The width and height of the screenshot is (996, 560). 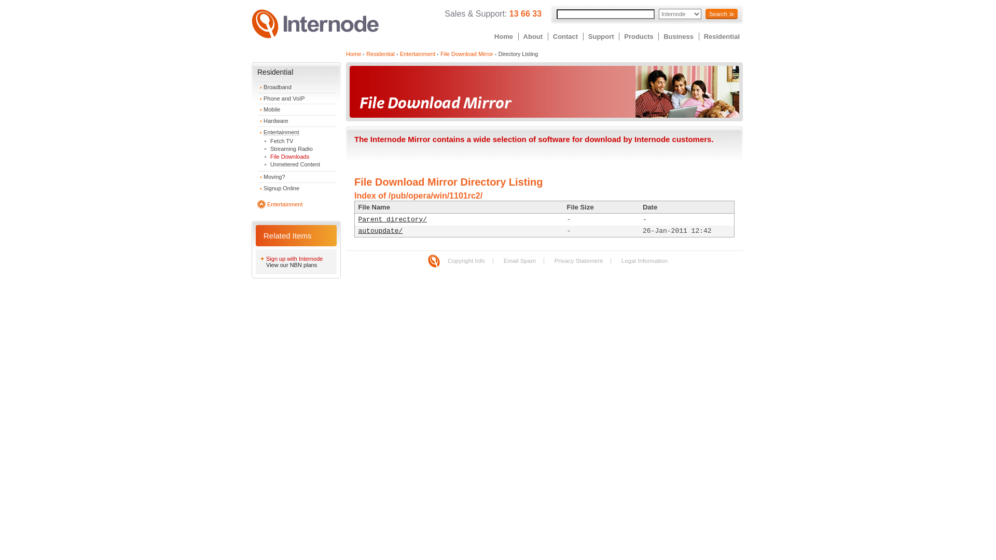 What do you see at coordinates (346, 54) in the screenshot?
I see `'Home'` at bounding box center [346, 54].